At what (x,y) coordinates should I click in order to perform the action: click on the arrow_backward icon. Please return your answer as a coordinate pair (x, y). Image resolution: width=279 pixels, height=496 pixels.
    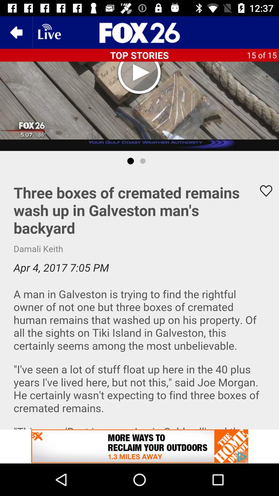
    Looking at the image, I should click on (16, 32).